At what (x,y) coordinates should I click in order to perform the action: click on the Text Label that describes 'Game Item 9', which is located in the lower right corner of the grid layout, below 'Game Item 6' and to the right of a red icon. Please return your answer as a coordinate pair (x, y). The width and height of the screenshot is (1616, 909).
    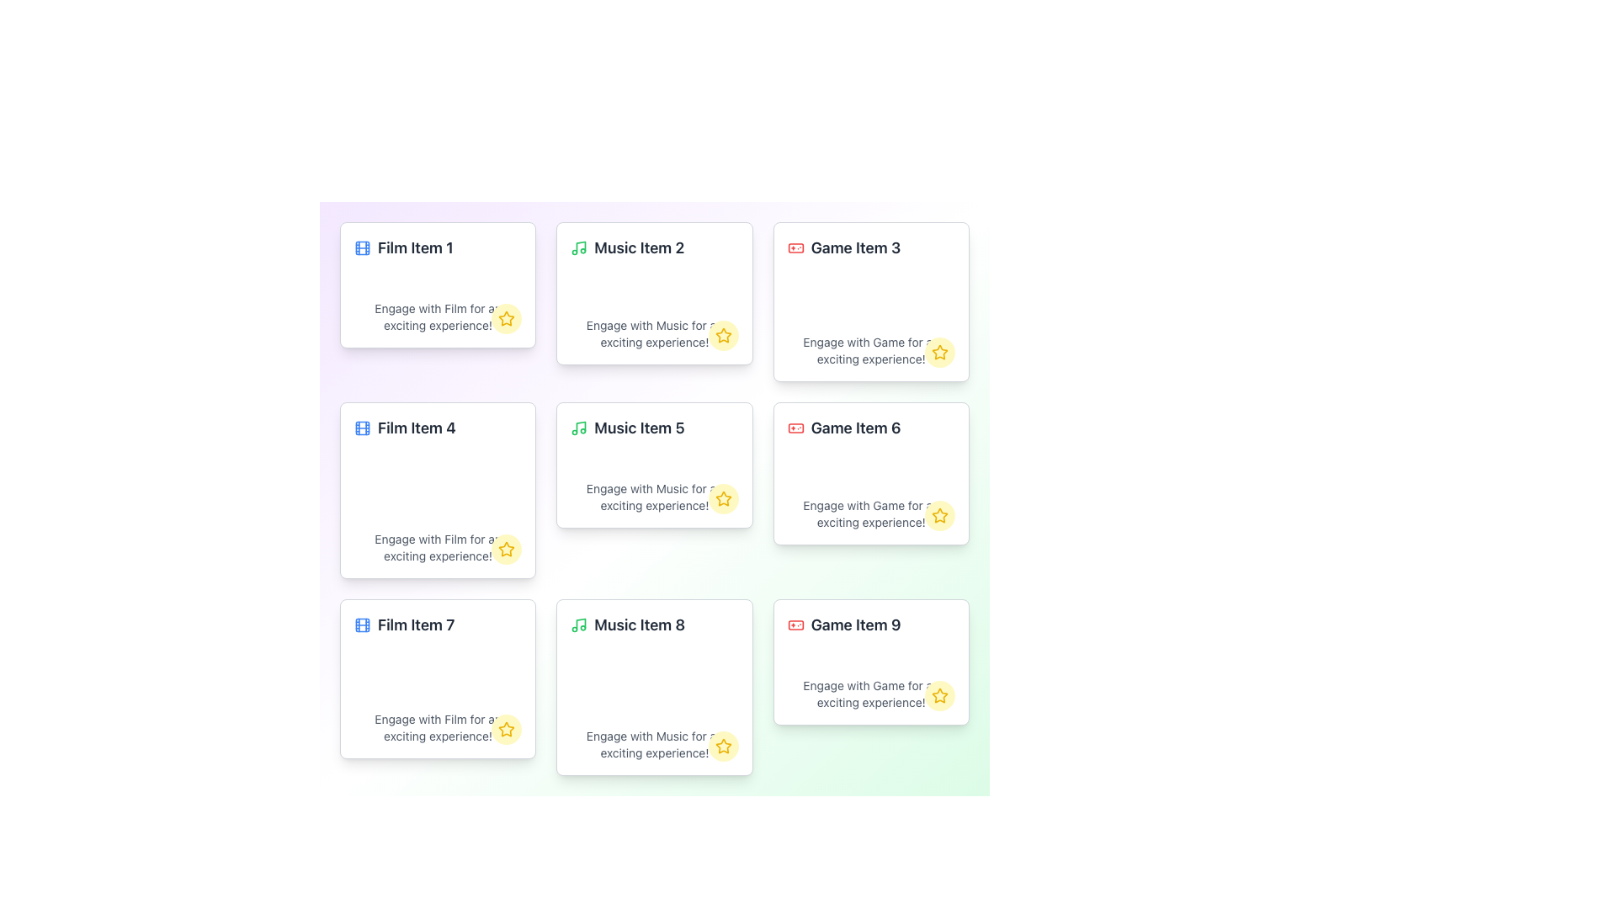
    Looking at the image, I should click on (856, 625).